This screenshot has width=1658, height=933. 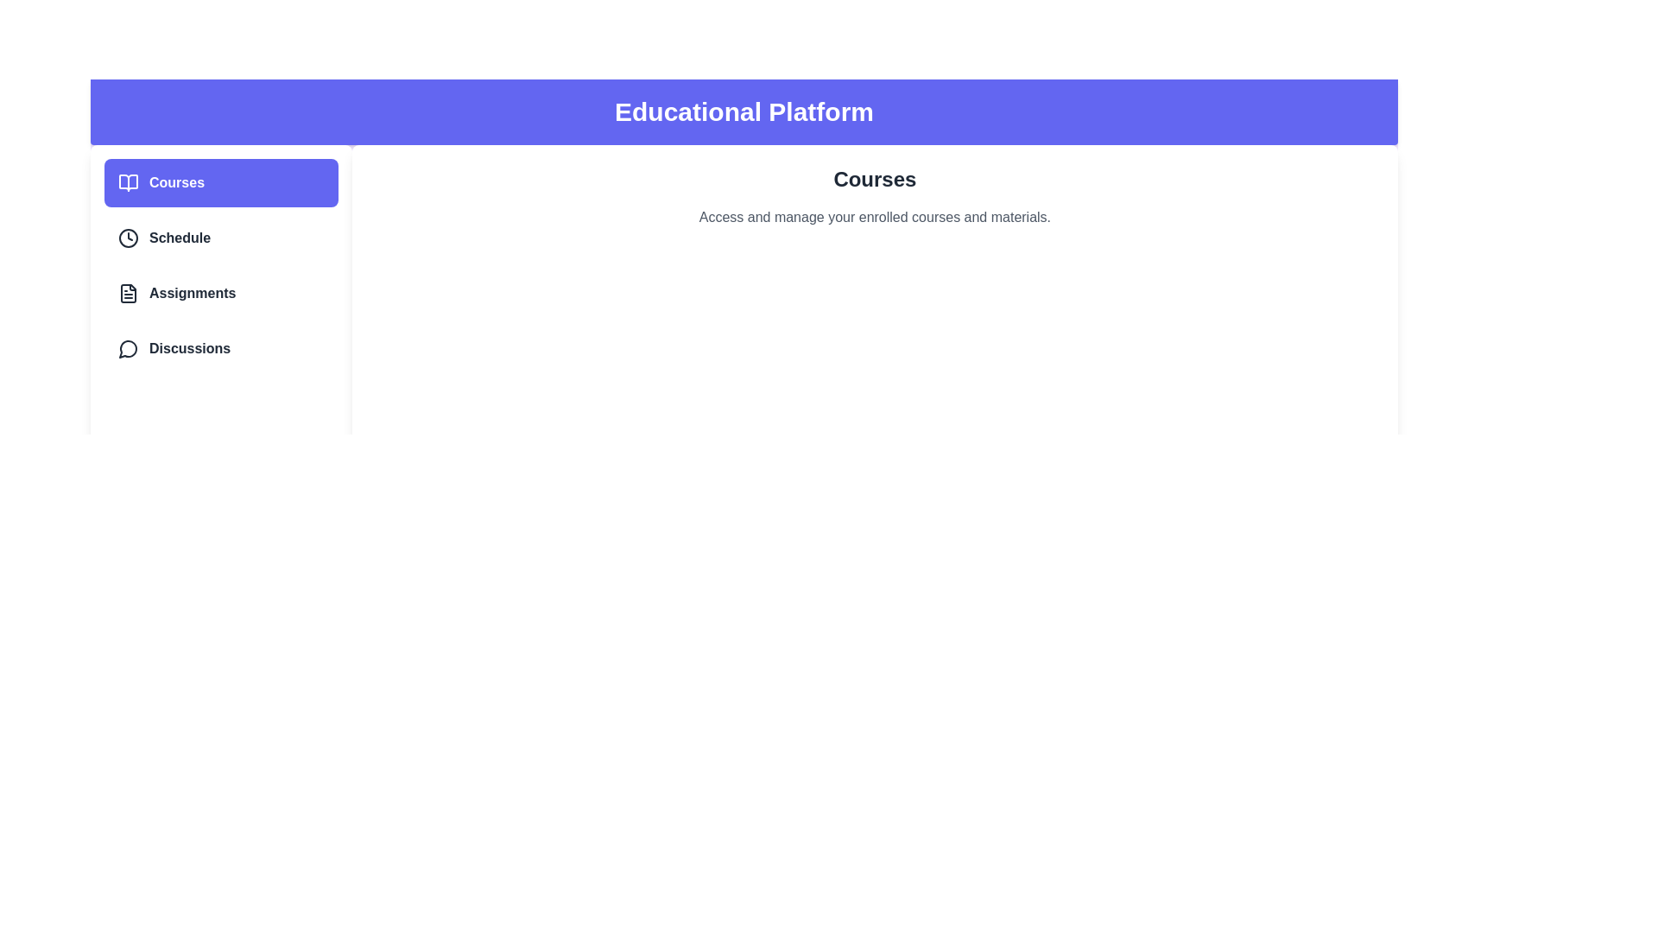 What do you see at coordinates (219, 183) in the screenshot?
I see `the tab labeled Courses in the sidebar` at bounding box center [219, 183].